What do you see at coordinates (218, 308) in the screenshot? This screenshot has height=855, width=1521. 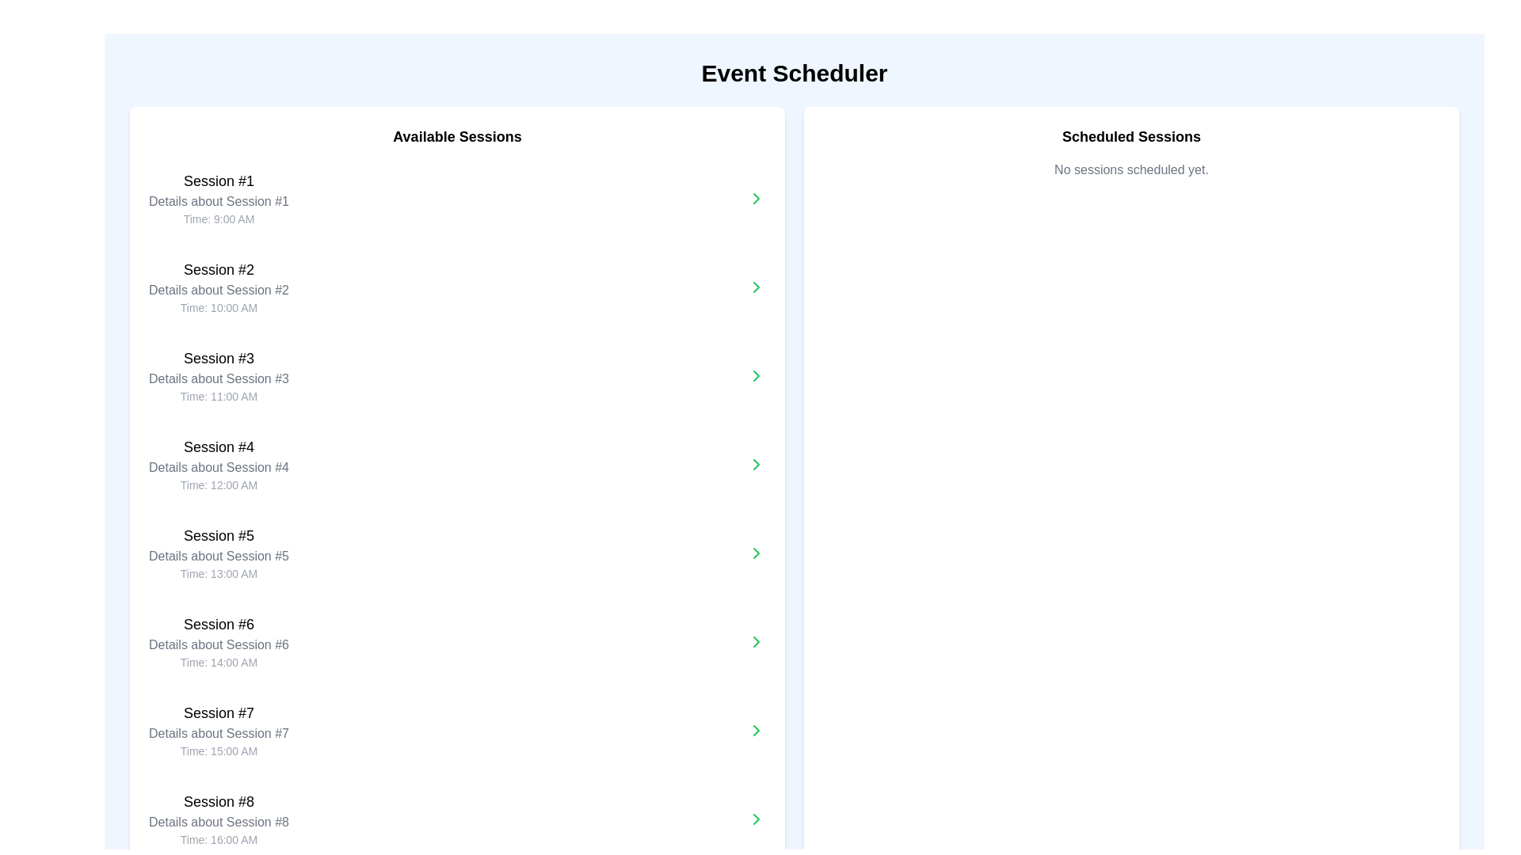 I see `the static text label displaying the scheduled time for 'Session #2', which is located under the 'Available Sessions' section` at bounding box center [218, 308].